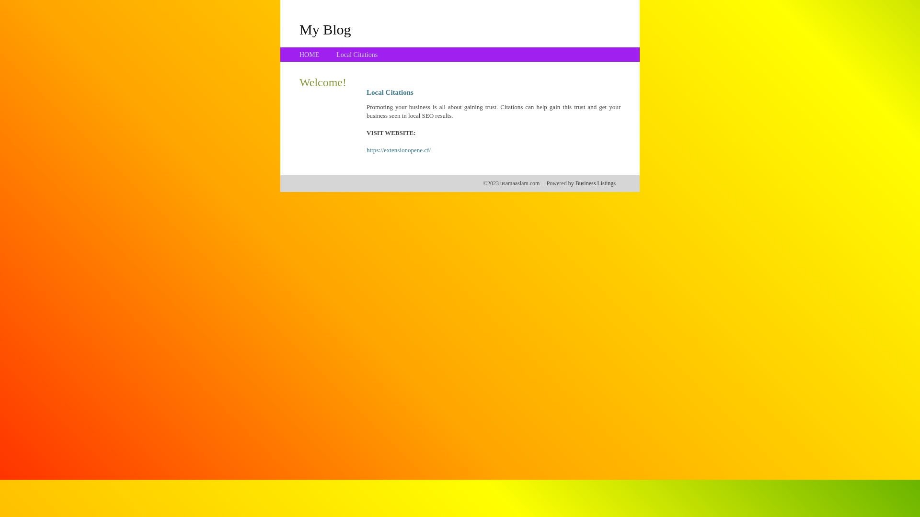  I want to click on 'https://extensionopene.cf/', so click(398, 150).